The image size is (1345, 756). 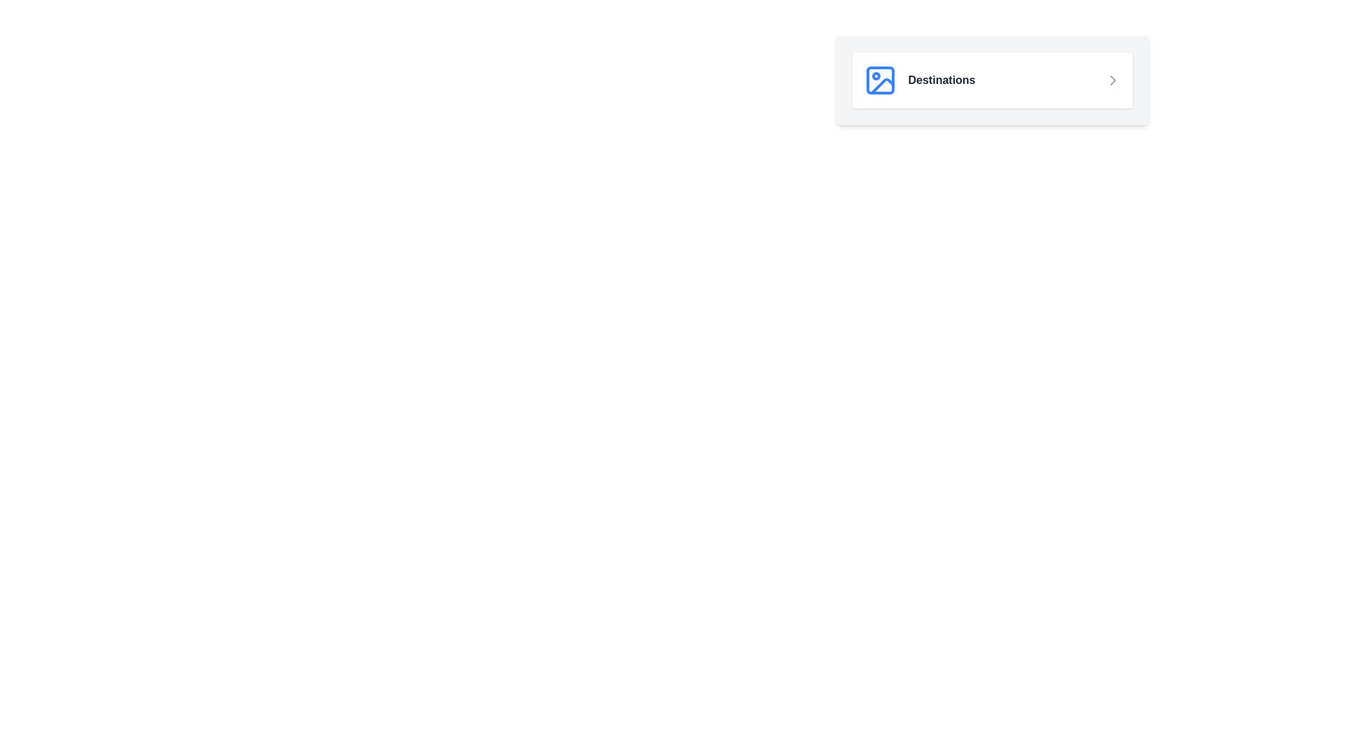 I want to click on the small square shape with rounded corners and a blue outline located at the top-left corner of the image icon within the top-right card labeled 'Destinations', so click(x=879, y=80).